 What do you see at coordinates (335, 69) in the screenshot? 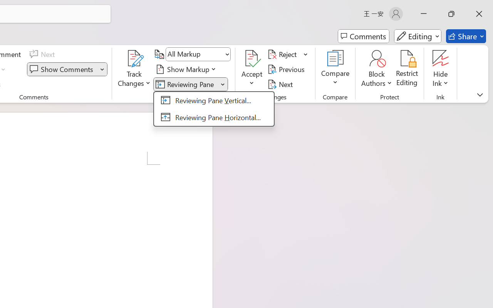
I see `'Compare'` at bounding box center [335, 69].